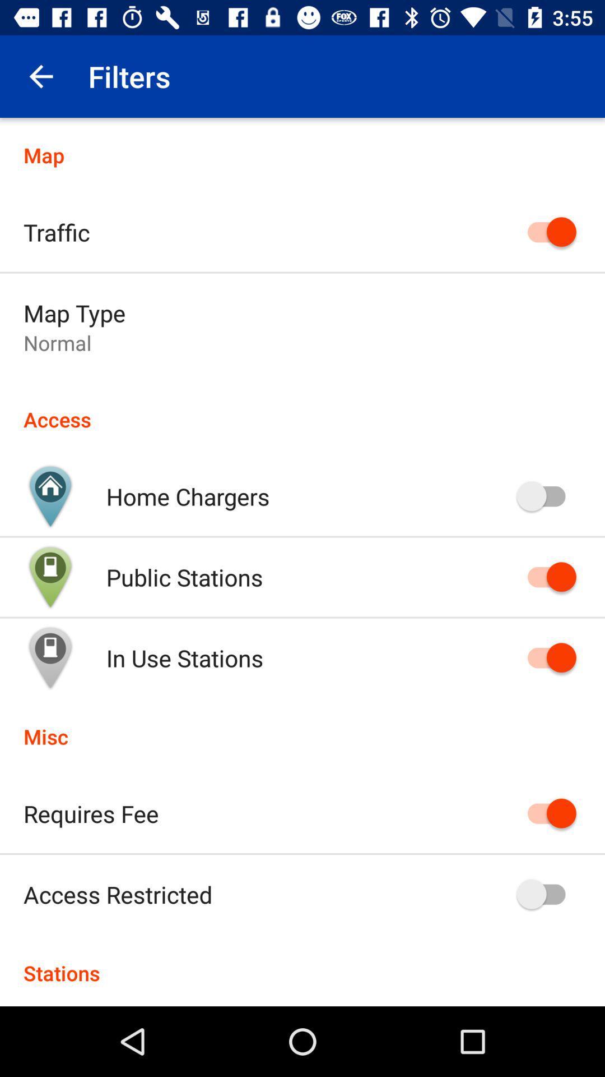 The width and height of the screenshot is (605, 1077). I want to click on item to the left of filters icon, so click(40, 76).